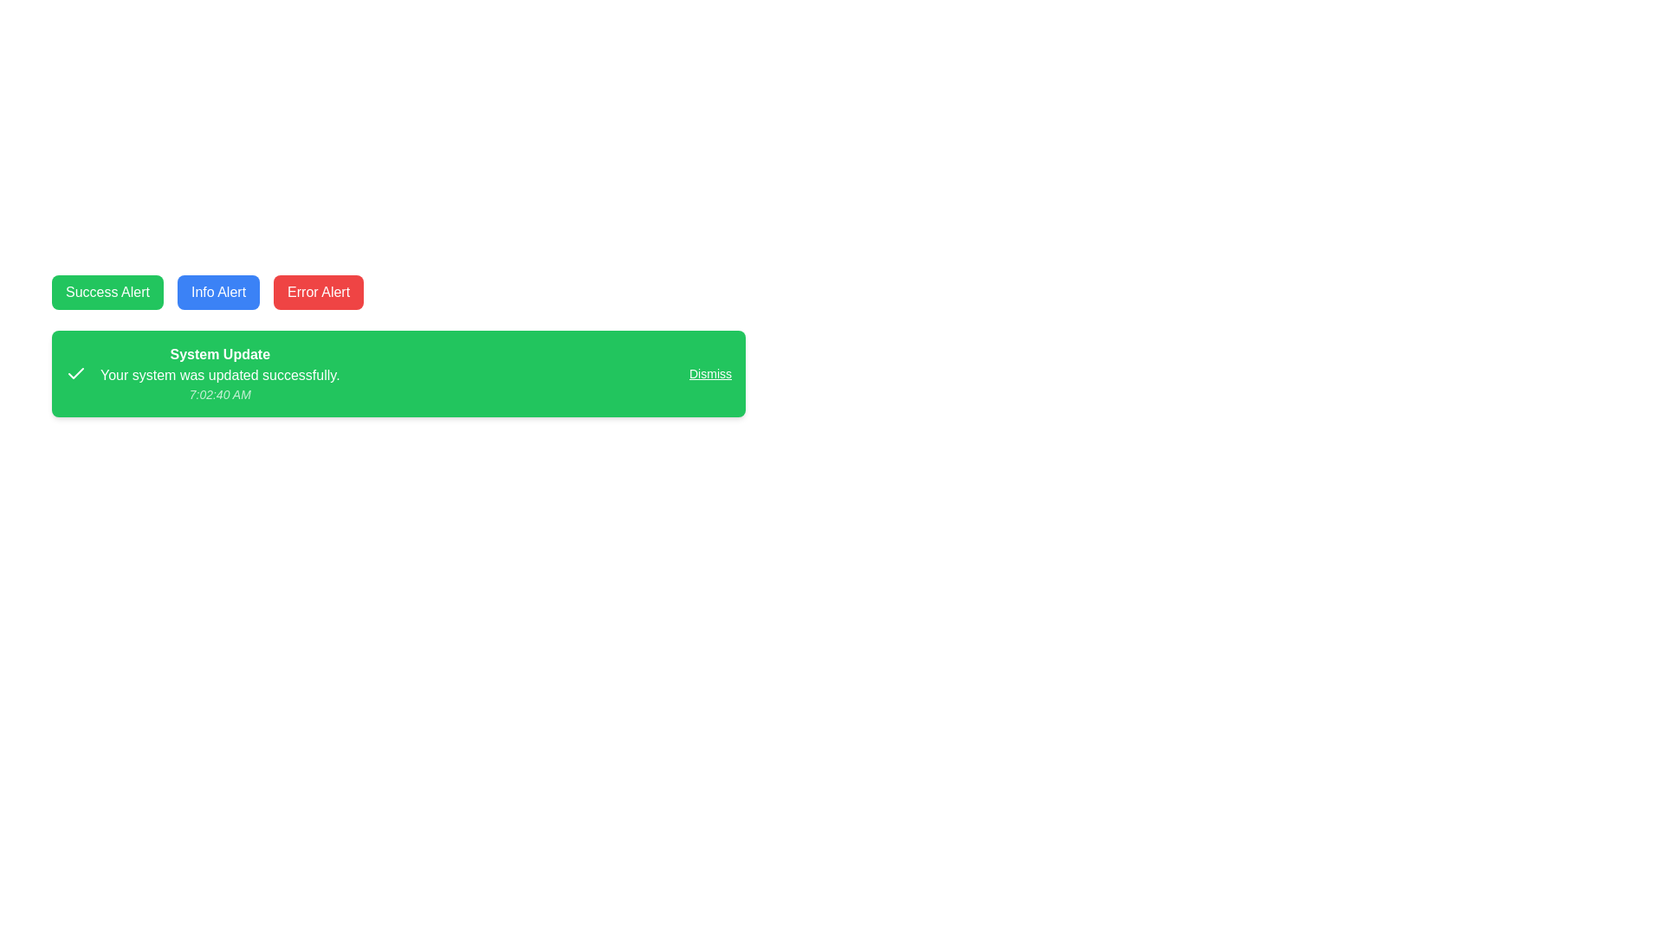 This screenshot has height=935, width=1663. Describe the element at coordinates (219, 375) in the screenshot. I see `the notification message Text label that indicates a successful system update, located below the title 'System Update' and above the timestamp '7:02:40 AM'` at that location.